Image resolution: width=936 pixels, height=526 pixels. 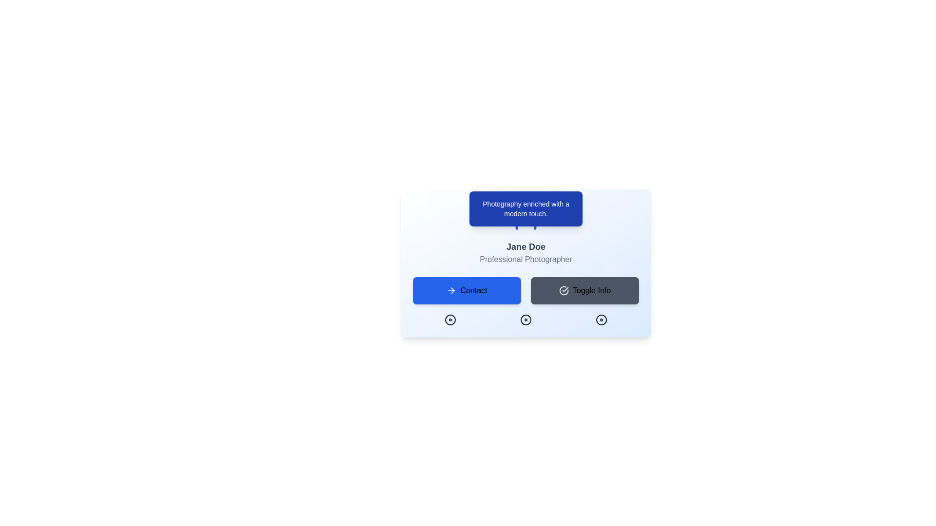 I want to click on the blue 'Contact' button with white text and a small arrow icon, located to the left of the 'Toggle Info' button in the bottom section of the layout, so click(x=467, y=290).